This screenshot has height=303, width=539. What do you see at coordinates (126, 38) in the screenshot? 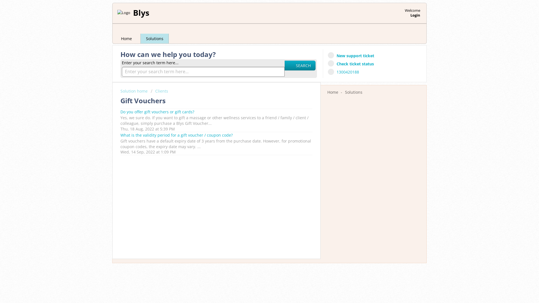
I see `'Home'` at bounding box center [126, 38].